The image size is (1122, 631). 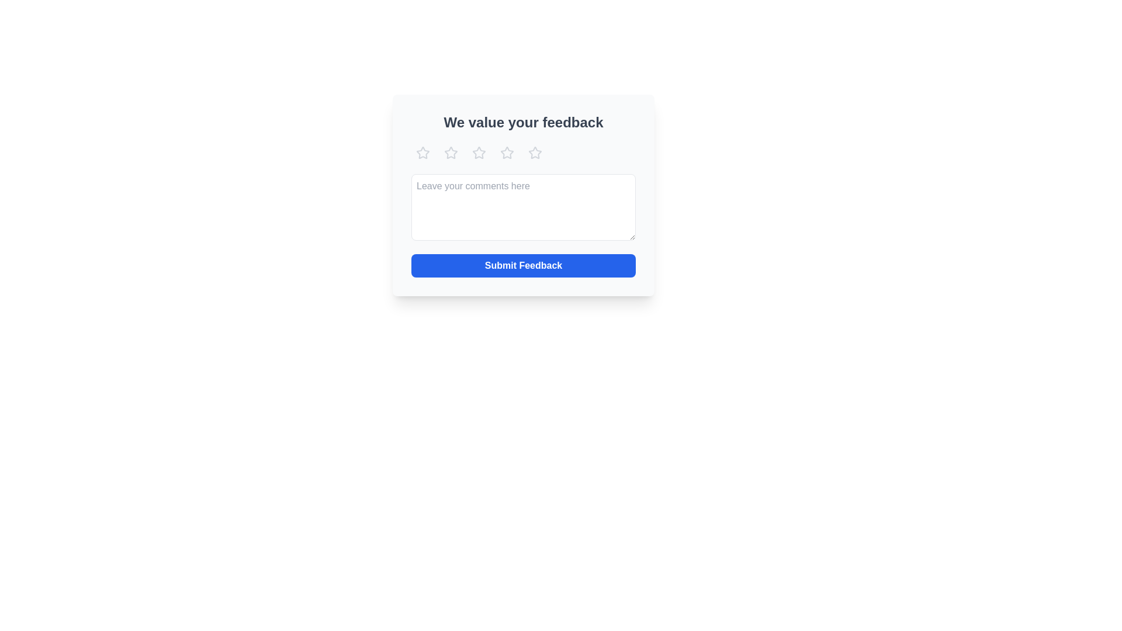 What do you see at coordinates (535, 152) in the screenshot?
I see `the fifth Rating star icon, which has a hollow center and gray outline` at bounding box center [535, 152].